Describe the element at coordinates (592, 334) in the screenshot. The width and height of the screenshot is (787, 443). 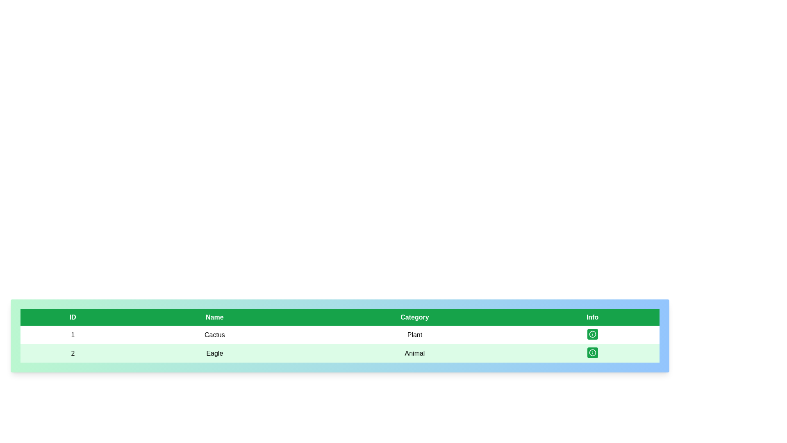
I see `the green circular SVG element located in the second row of the 'Info' column in the tabular layout` at that location.